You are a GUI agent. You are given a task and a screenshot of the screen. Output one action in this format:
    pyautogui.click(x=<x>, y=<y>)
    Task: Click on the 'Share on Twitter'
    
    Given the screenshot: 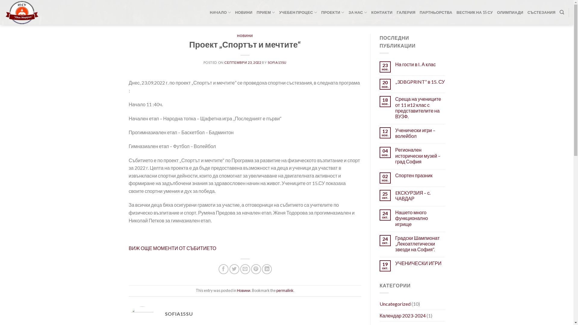 What is the action you would take?
    pyautogui.click(x=229, y=269)
    